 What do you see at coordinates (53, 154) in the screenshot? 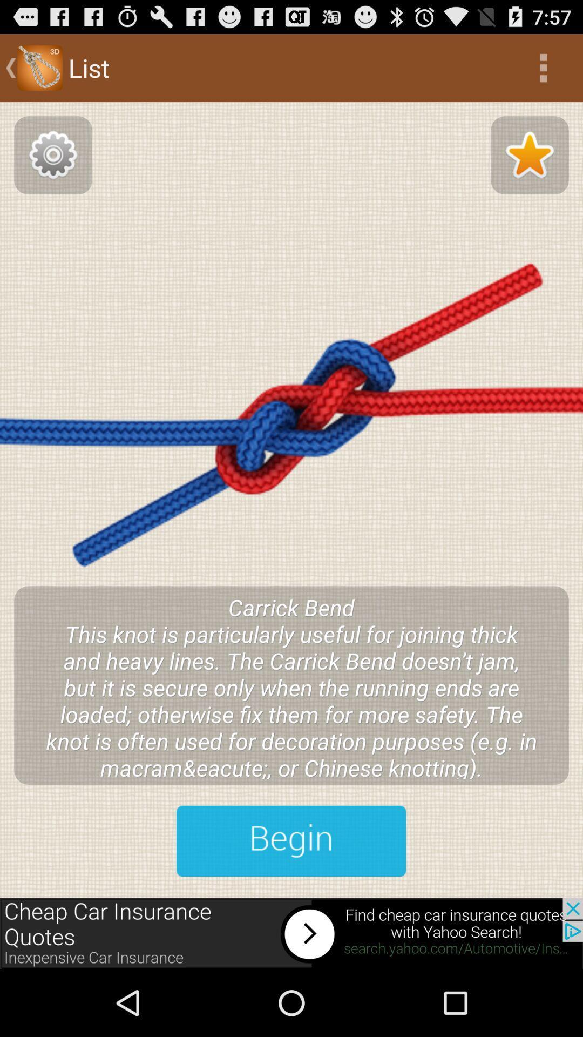
I see `settings` at bounding box center [53, 154].